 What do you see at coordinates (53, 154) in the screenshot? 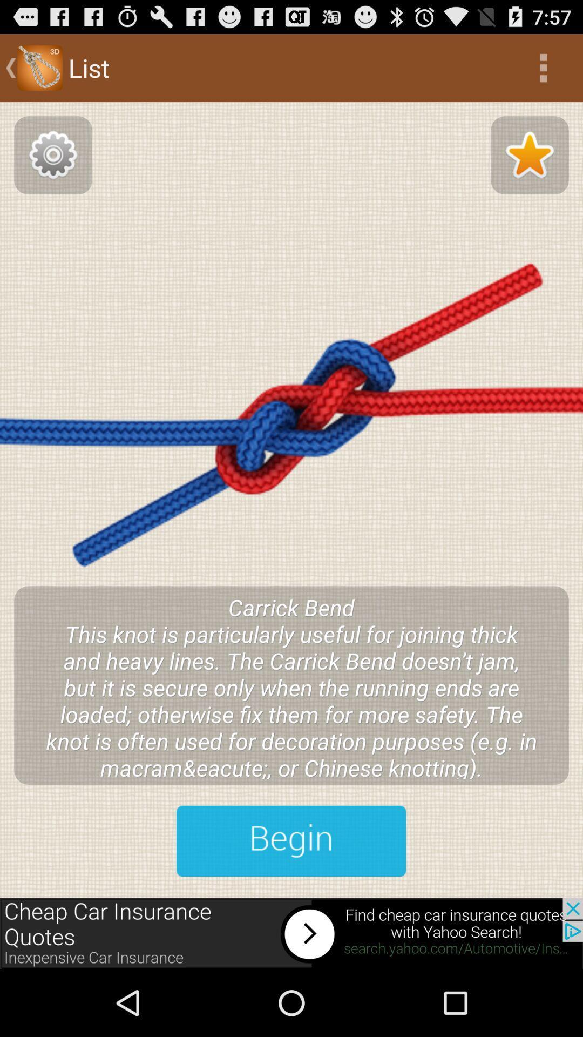
I see `settings` at bounding box center [53, 154].